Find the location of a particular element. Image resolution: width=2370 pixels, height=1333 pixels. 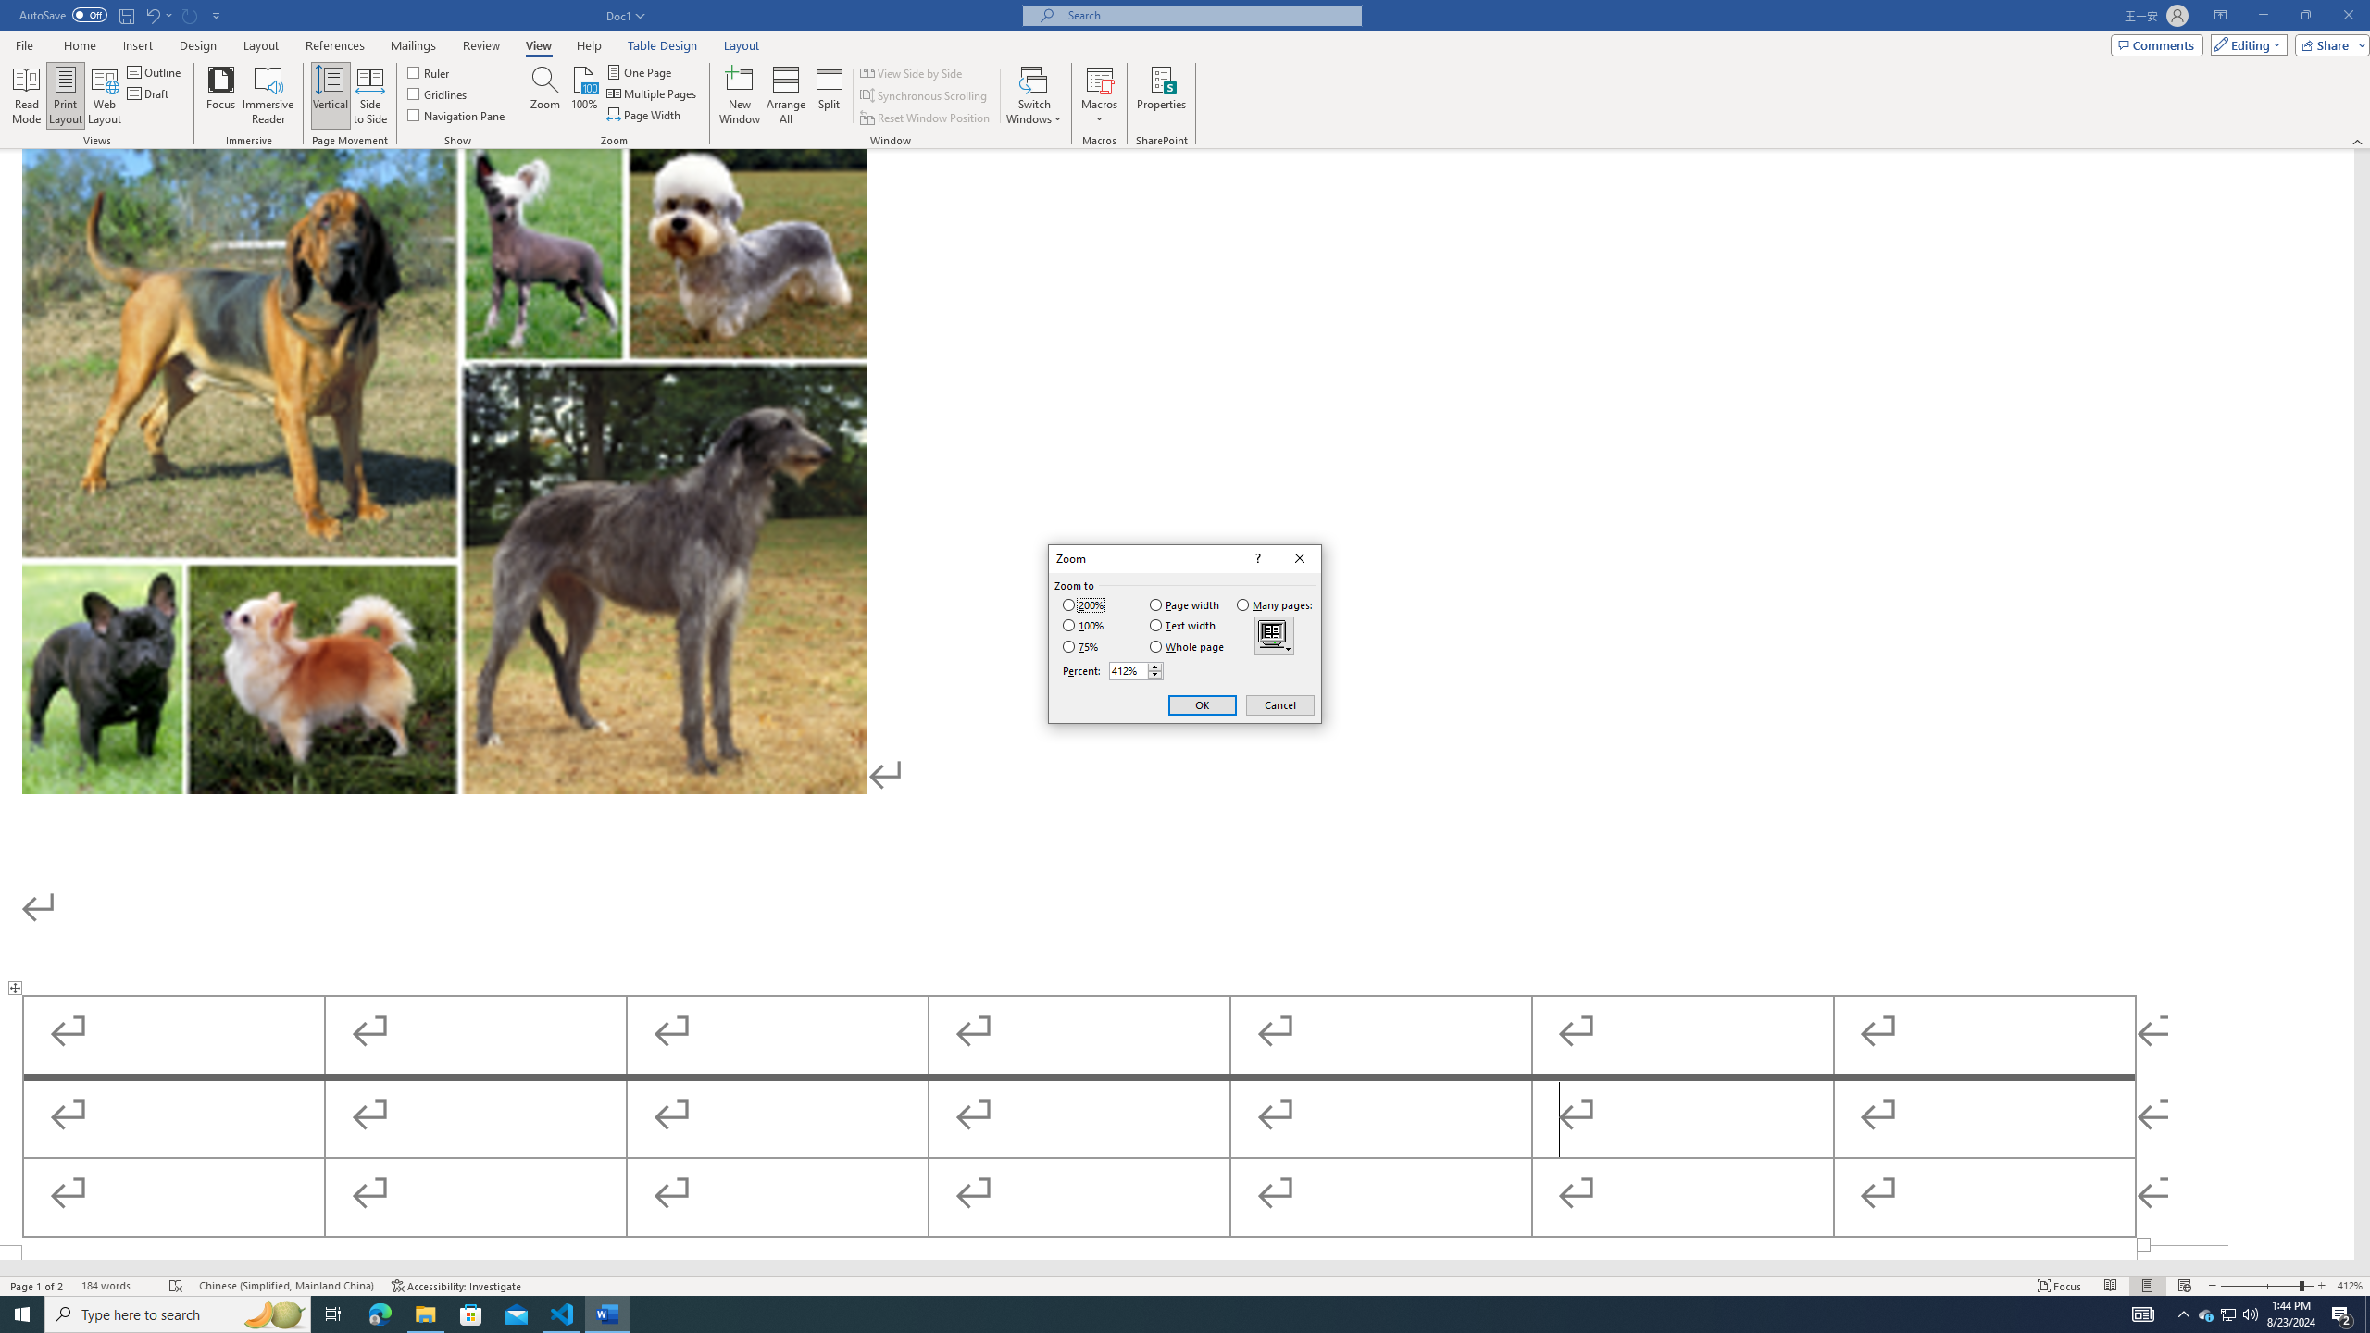

'Reset Window Position' is located at coordinates (925, 118).